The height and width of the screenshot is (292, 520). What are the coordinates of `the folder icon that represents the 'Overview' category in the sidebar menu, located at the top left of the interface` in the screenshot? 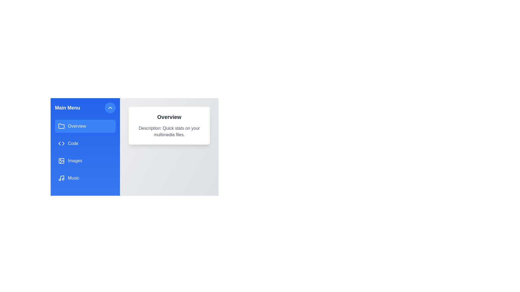 It's located at (61, 126).